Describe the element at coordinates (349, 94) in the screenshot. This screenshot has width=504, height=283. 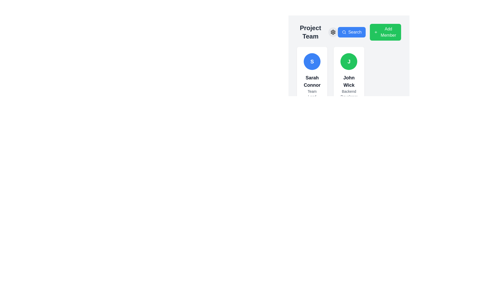
I see `the static text label displaying 'Backend Developer', which is located beneath the name 'John Wick' in the second card from the left` at that location.